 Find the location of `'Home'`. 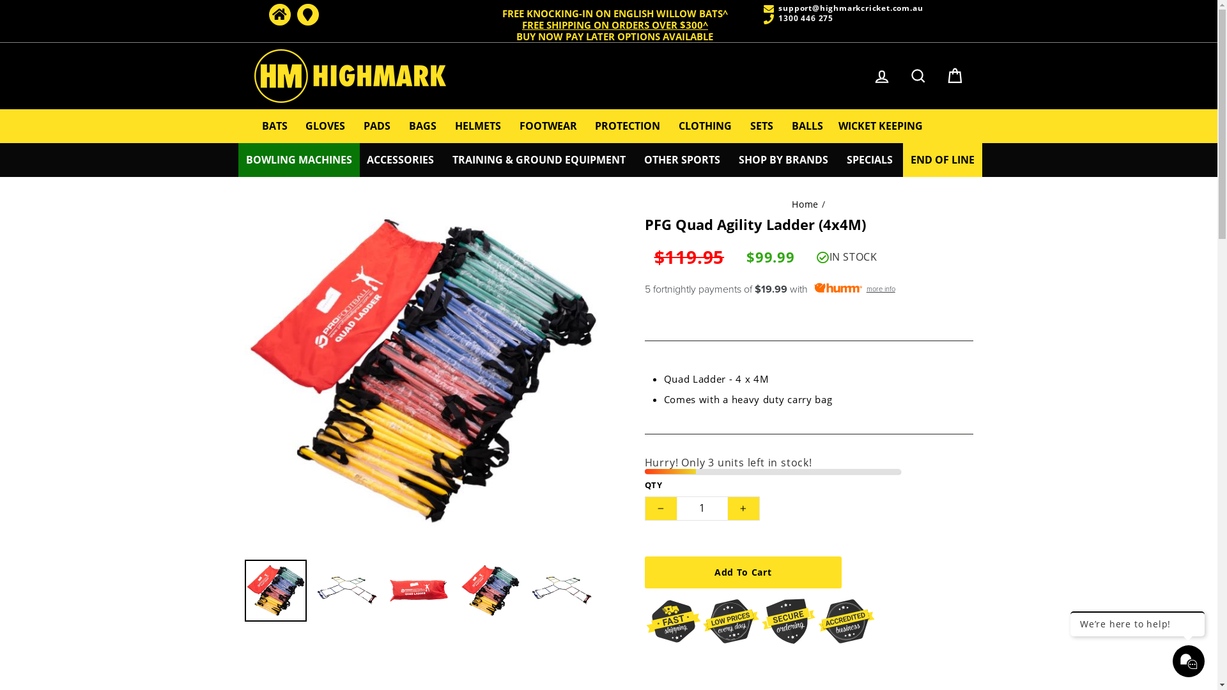

'Home' is located at coordinates (804, 203).